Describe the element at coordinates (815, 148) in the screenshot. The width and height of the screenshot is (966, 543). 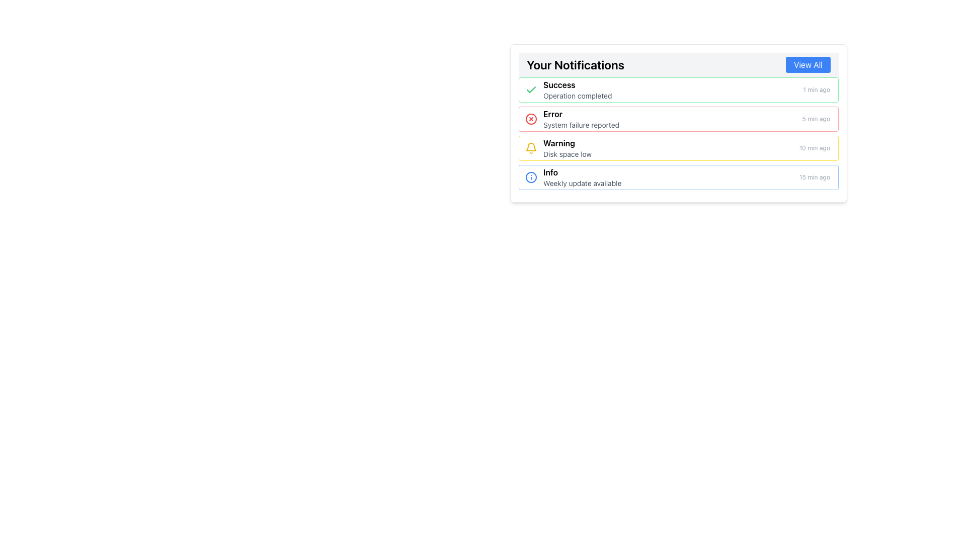
I see `the Text label that indicates the timestamp for the warning notification labeled 'Warning: Disk space low', located in the bottom-right area next to the warning icon` at that location.